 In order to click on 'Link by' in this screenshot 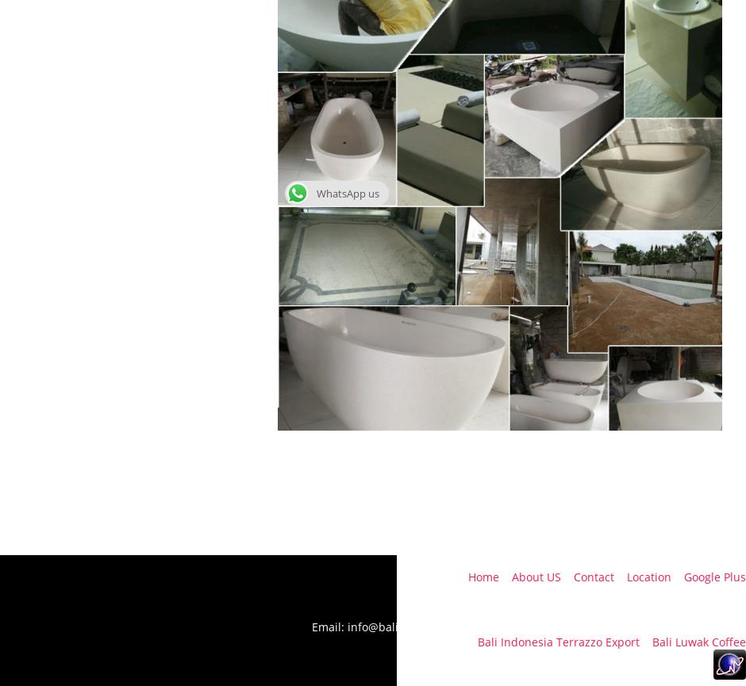, I will do `click(457, 641)`.